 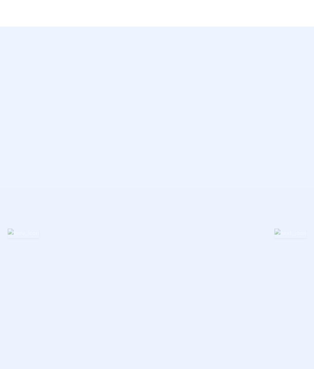 What do you see at coordinates (206, 37) in the screenshot?
I see `'Assess your understanding with daily MCQ tests'` at bounding box center [206, 37].